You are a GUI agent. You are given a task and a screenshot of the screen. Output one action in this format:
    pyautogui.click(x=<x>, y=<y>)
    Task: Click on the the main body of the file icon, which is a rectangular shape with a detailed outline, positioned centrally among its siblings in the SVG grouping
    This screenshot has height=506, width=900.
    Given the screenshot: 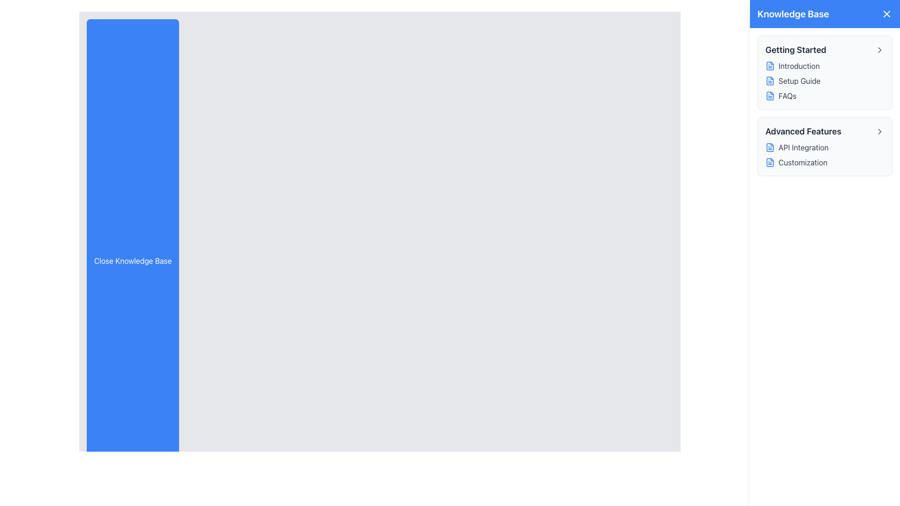 What is the action you would take?
    pyautogui.click(x=770, y=162)
    